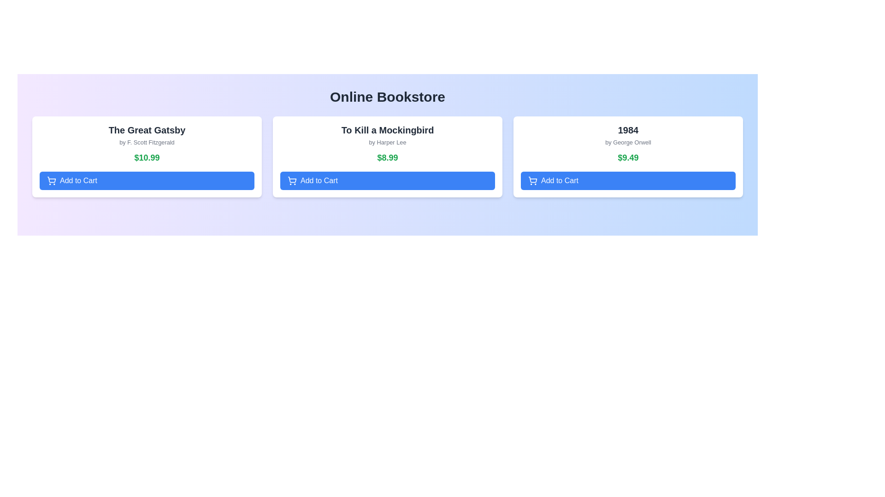 The height and width of the screenshot is (497, 885). I want to click on the static text element that reads 'by Harper Lee', which is positioned below the title 'To Kill a Mockingbird' and above the price '$8.99', so click(387, 142).